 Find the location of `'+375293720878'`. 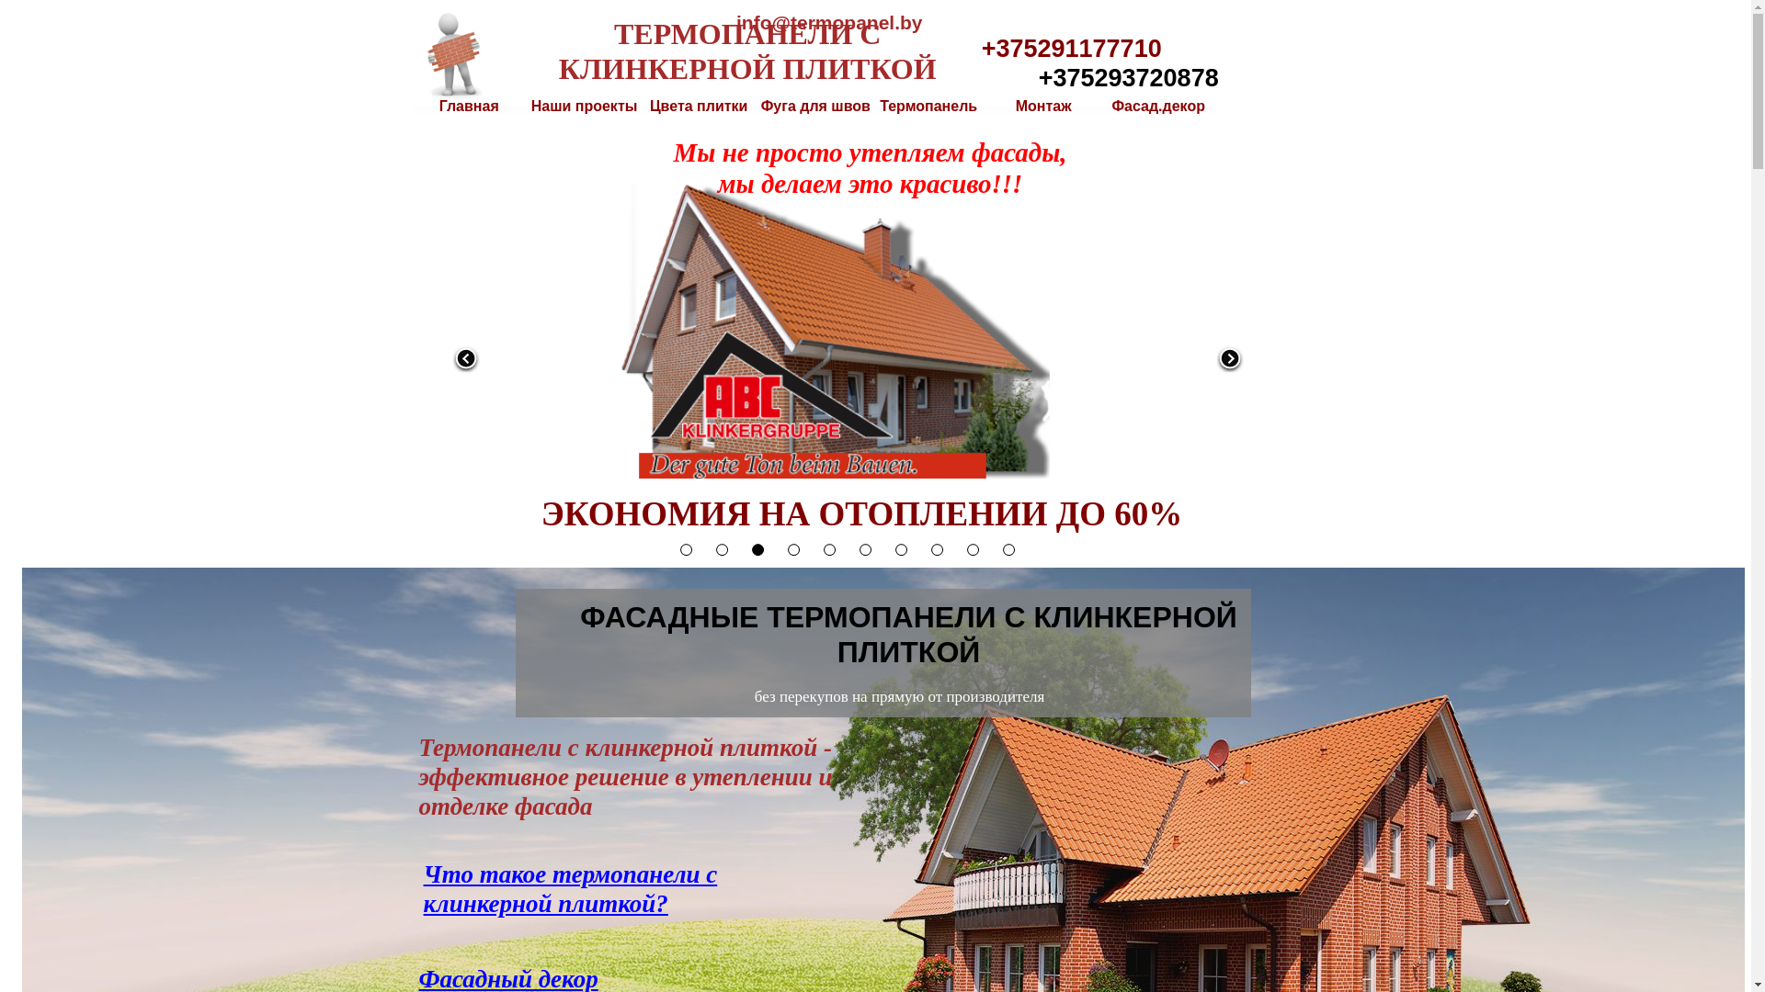

'+375293720878' is located at coordinates (1038, 76).